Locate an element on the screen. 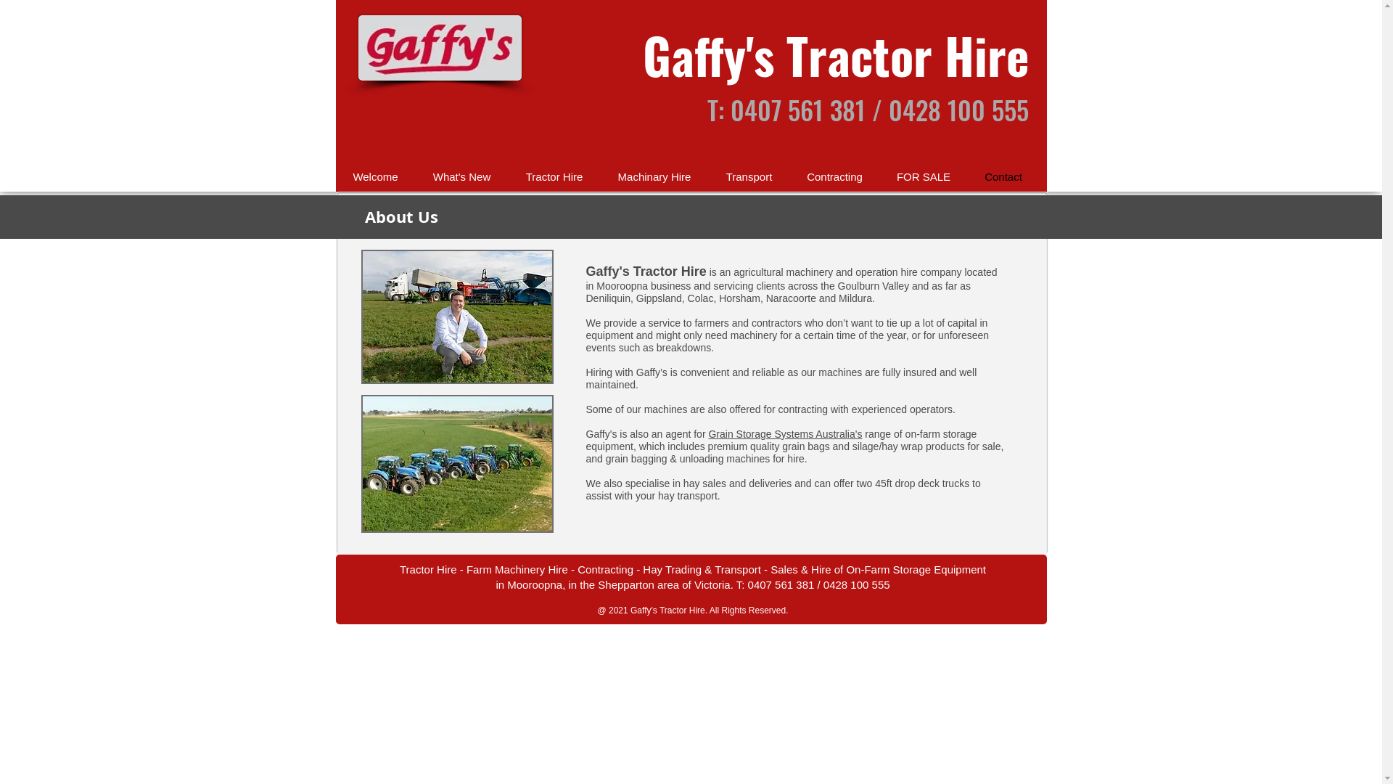 This screenshot has width=1393, height=784. 'What's New' is located at coordinates (460, 176).